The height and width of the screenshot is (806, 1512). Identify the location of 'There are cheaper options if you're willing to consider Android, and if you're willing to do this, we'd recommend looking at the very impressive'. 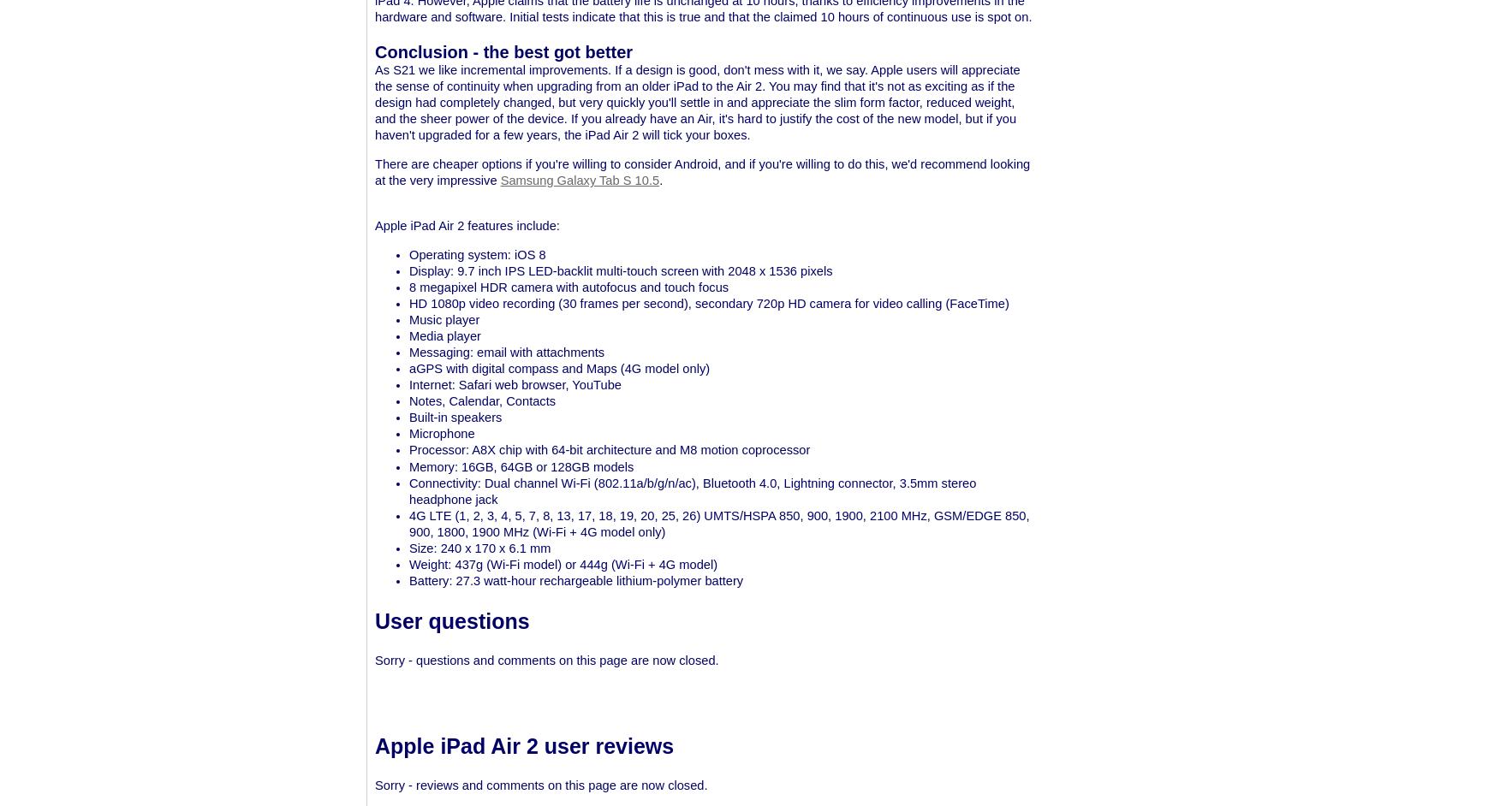
(373, 172).